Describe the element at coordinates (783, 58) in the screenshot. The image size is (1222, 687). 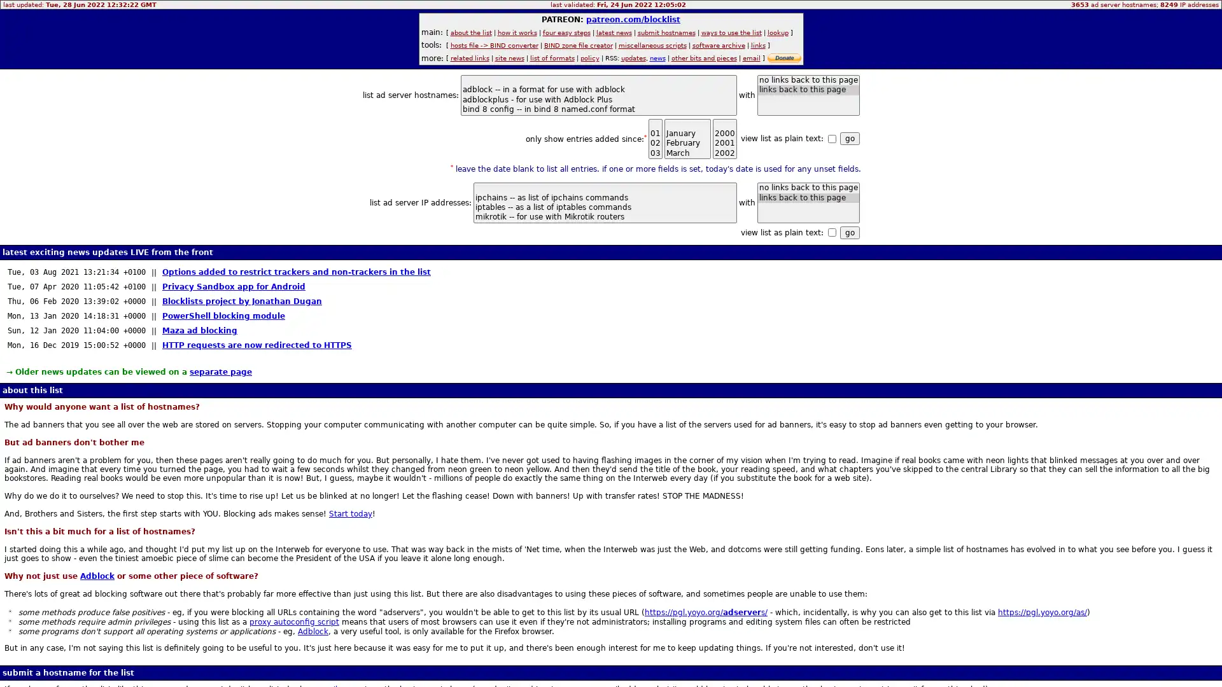
I see `donate via PayPal` at that location.